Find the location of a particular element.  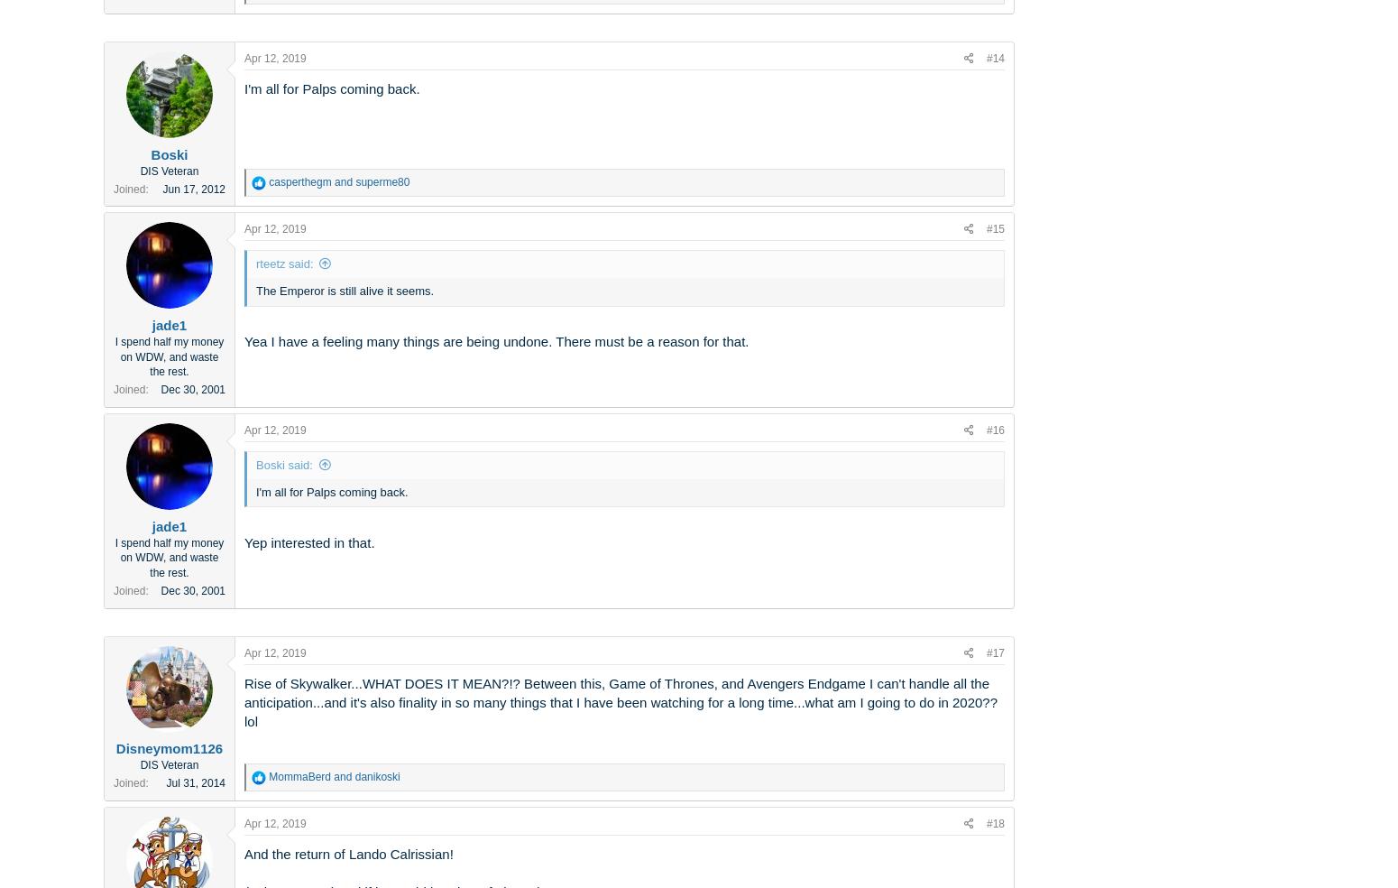

'#15' is located at coordinates (985, 227).